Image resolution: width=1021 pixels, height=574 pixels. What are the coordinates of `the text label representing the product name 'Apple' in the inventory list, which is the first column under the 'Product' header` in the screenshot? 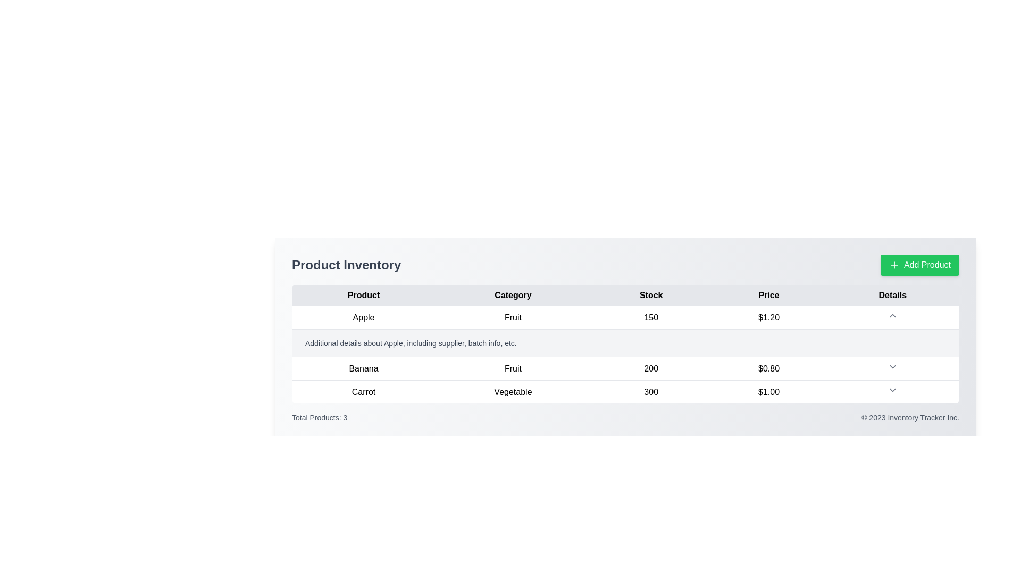 It's located at (363, 317).